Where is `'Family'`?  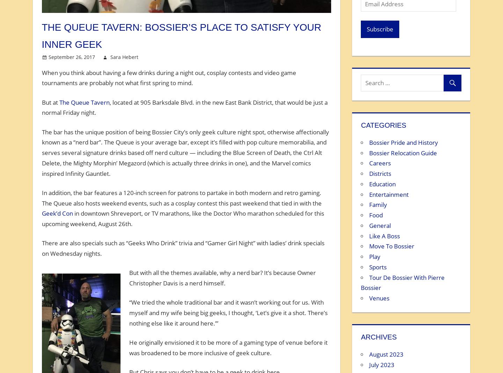
'Family' is located at coordinates (378, 204).